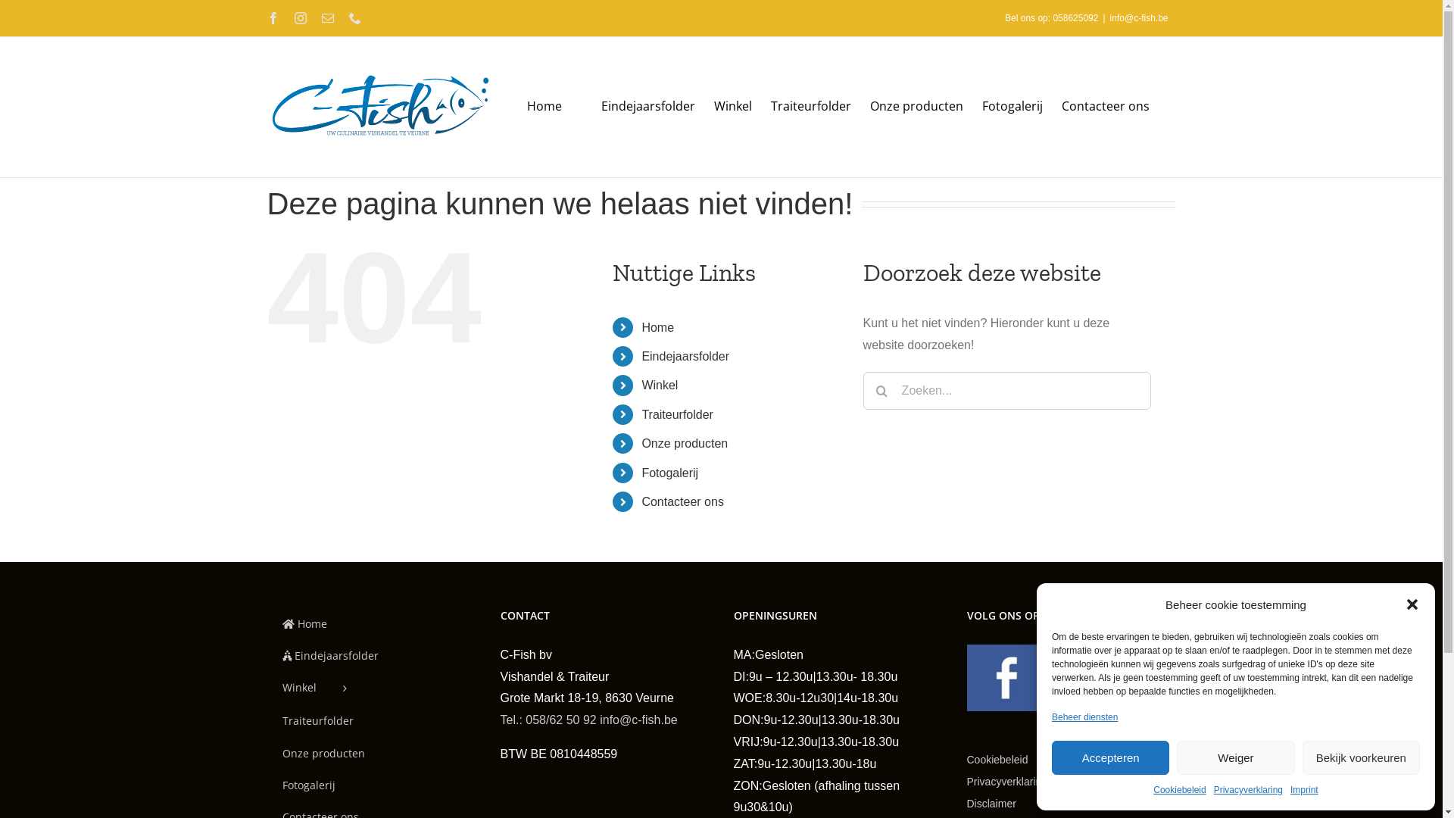 Image resolution: width=1454 pixels, height=818 pixels. I want to click on 'Tel.: 058/62 50 92', so click(547, 719).